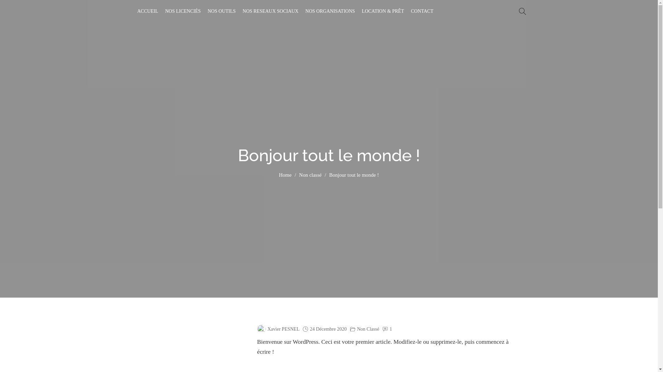 Image resolution: width=663 pixels, height=372 pixels. What do you see at coordinates (391, 329) in the screenshot?
I see `'1'` at bounding box center [391, 329].